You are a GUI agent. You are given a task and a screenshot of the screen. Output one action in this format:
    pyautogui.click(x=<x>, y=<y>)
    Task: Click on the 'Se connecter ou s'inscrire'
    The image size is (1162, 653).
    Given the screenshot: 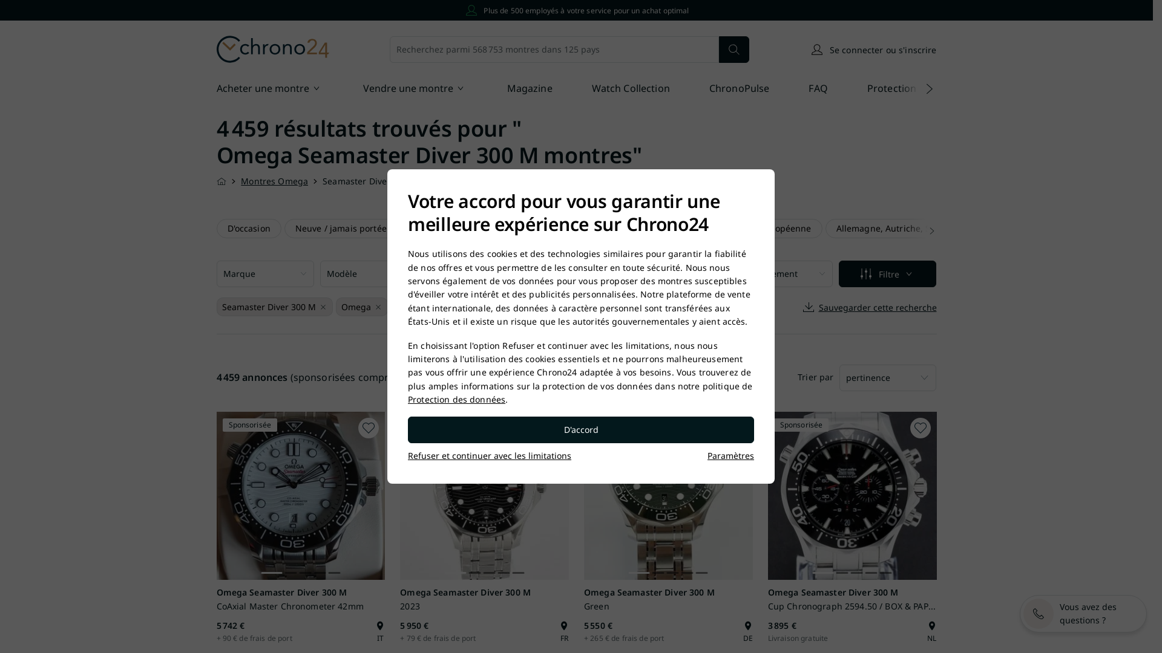 What is the action you would take?
    pyautogui.click(x=873, y=48)
    